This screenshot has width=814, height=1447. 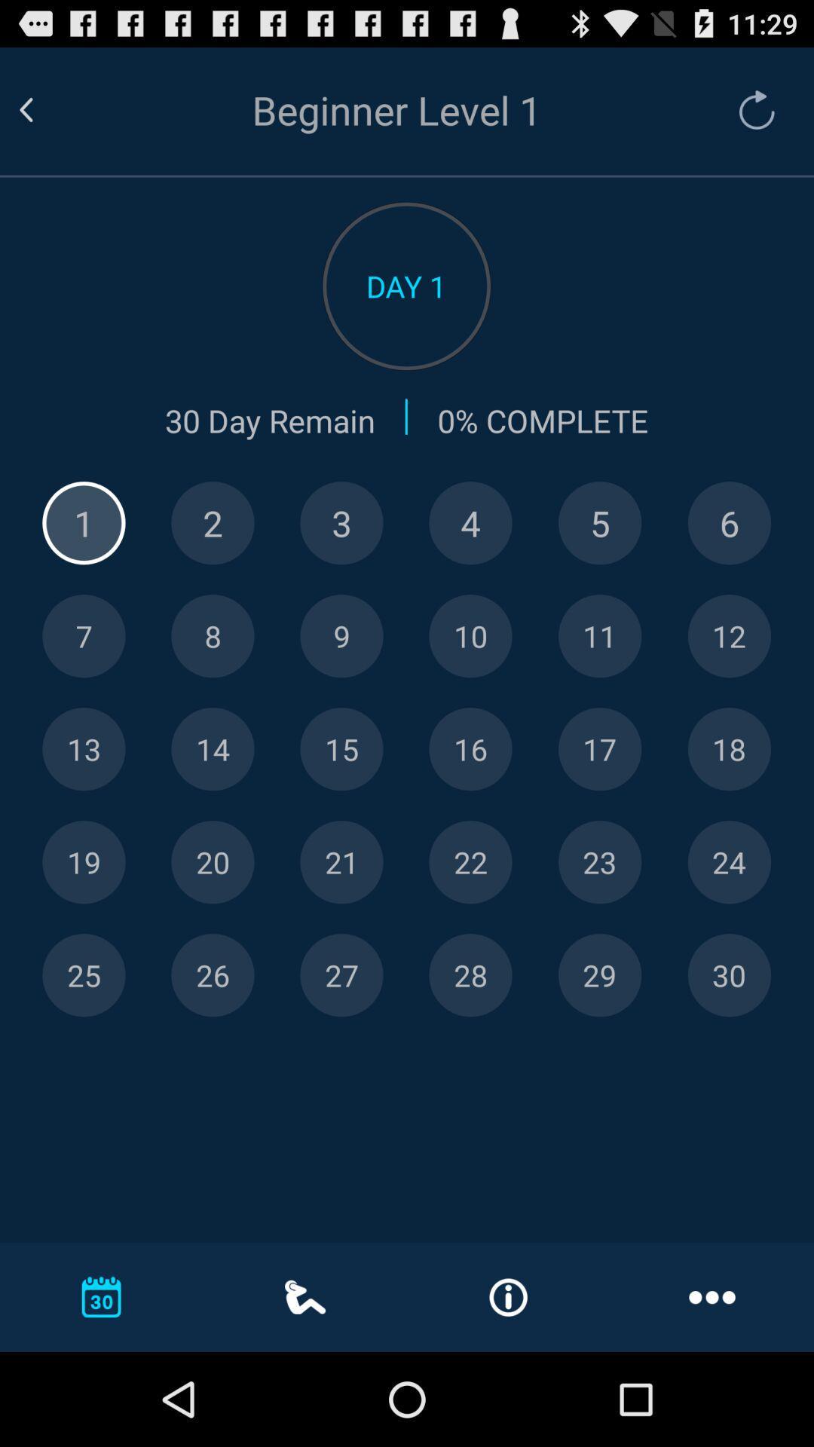 What do you see at coordinates (213, 862) in the screenshot?
I see `day 20` at bounding box center [213, 862].